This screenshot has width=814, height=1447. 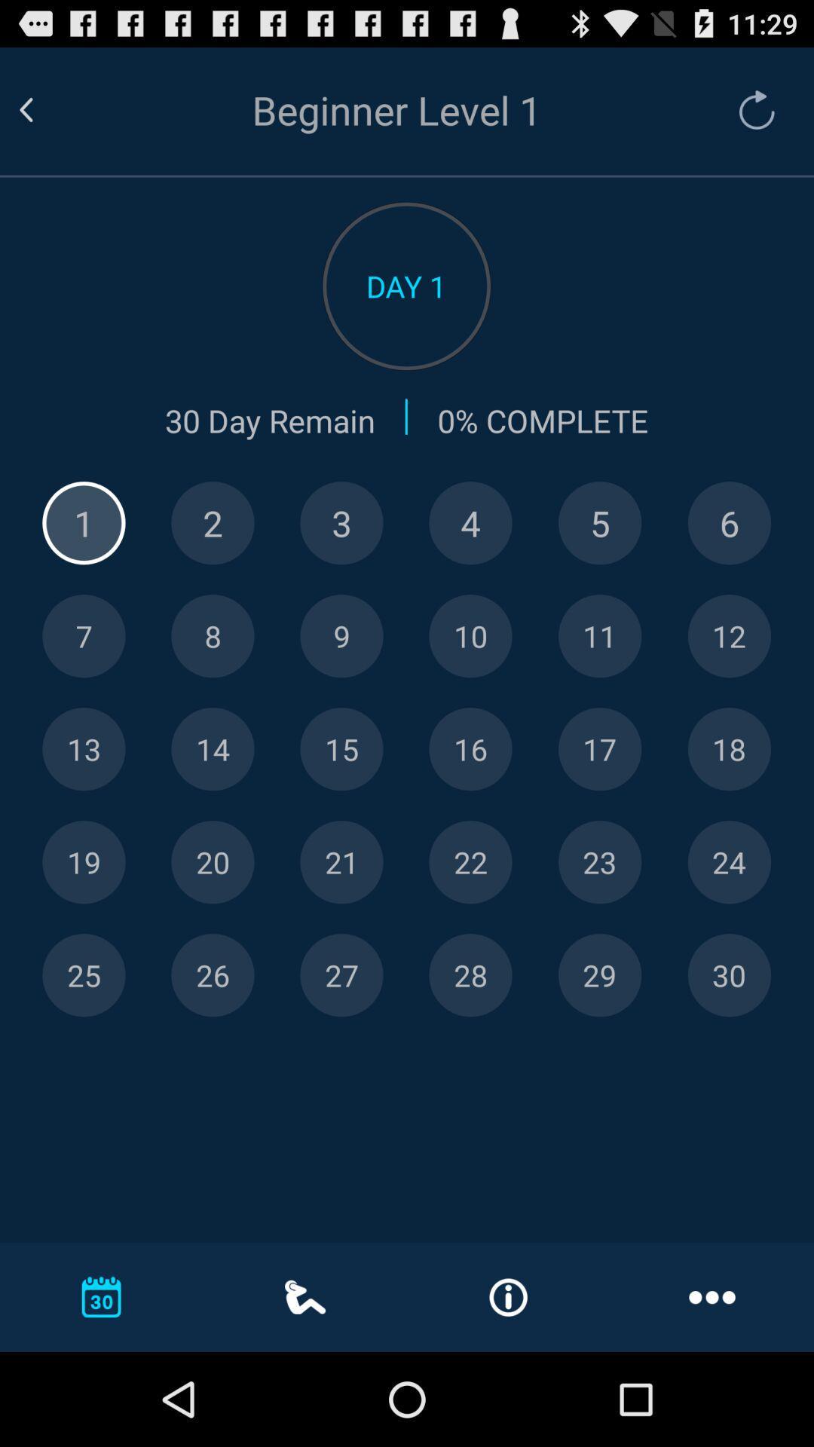 What do you see at coordinates (213, 862) in the screenshot?
I see `day 20` at bounding box center [213, 862].